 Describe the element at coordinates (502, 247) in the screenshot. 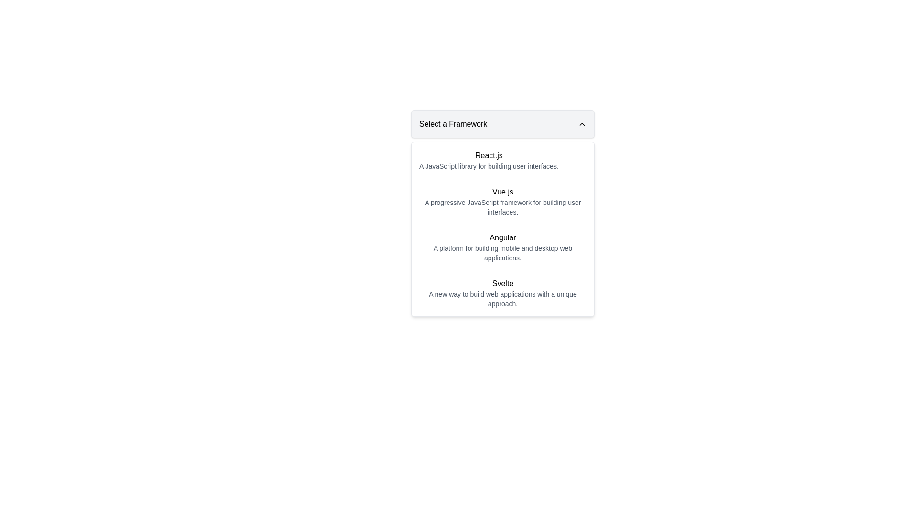

I see `the text block representing the framework option 'Angular' within the third item of a vertical list of frameworks` at that location.